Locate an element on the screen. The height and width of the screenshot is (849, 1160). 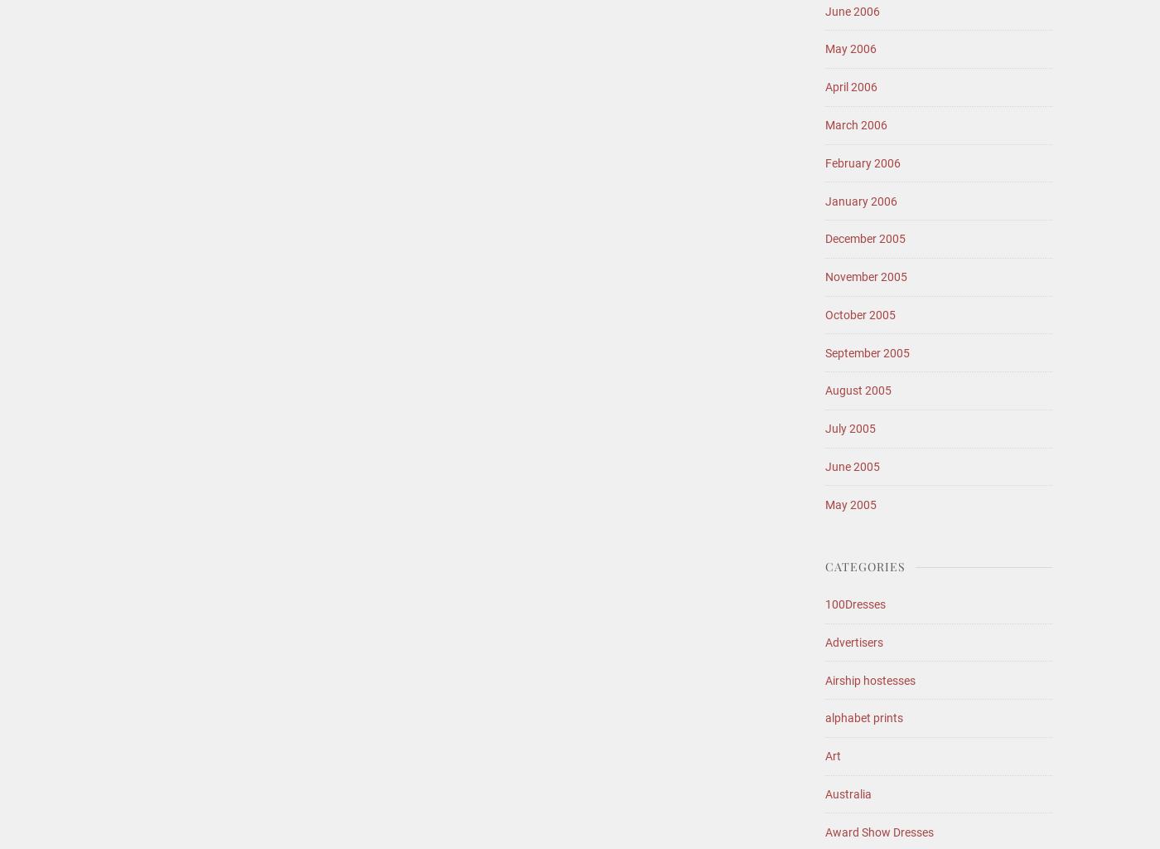
'December 2005' is located at coordinates (824, 238).